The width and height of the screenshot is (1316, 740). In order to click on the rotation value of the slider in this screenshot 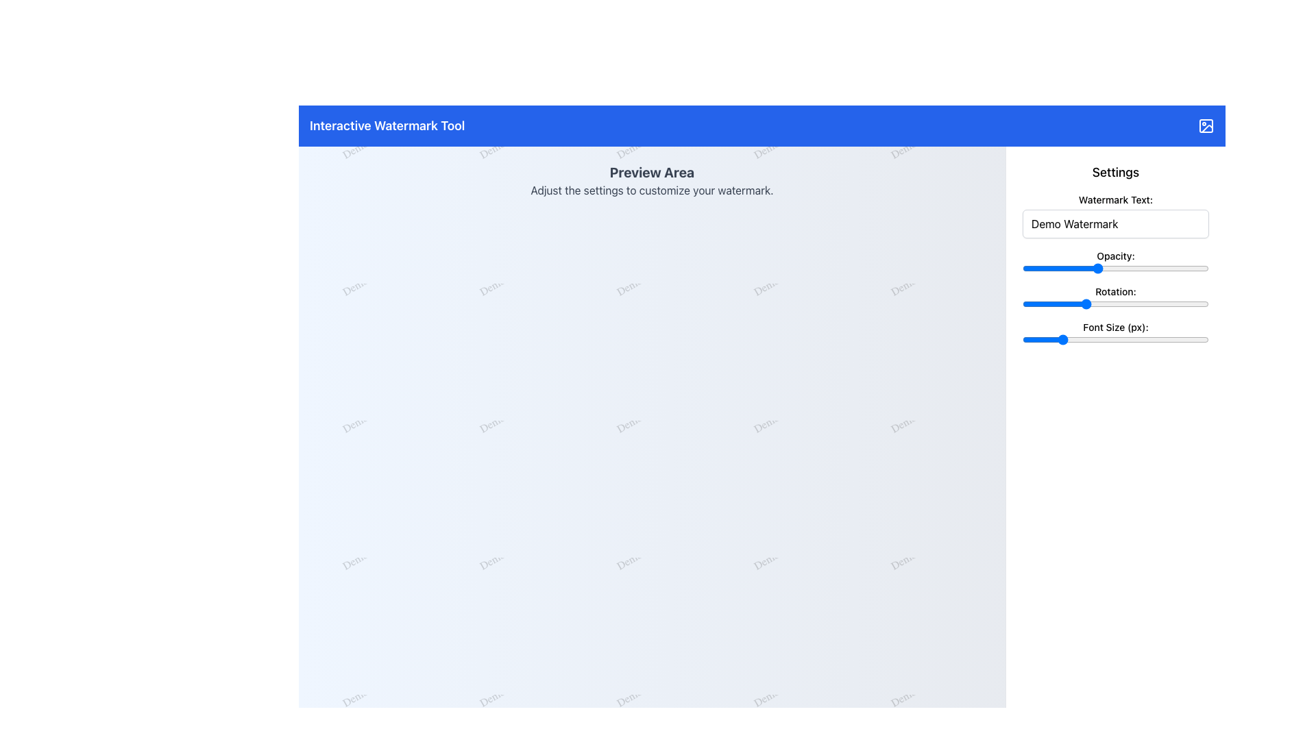, I will do `click(1075, 303)`.